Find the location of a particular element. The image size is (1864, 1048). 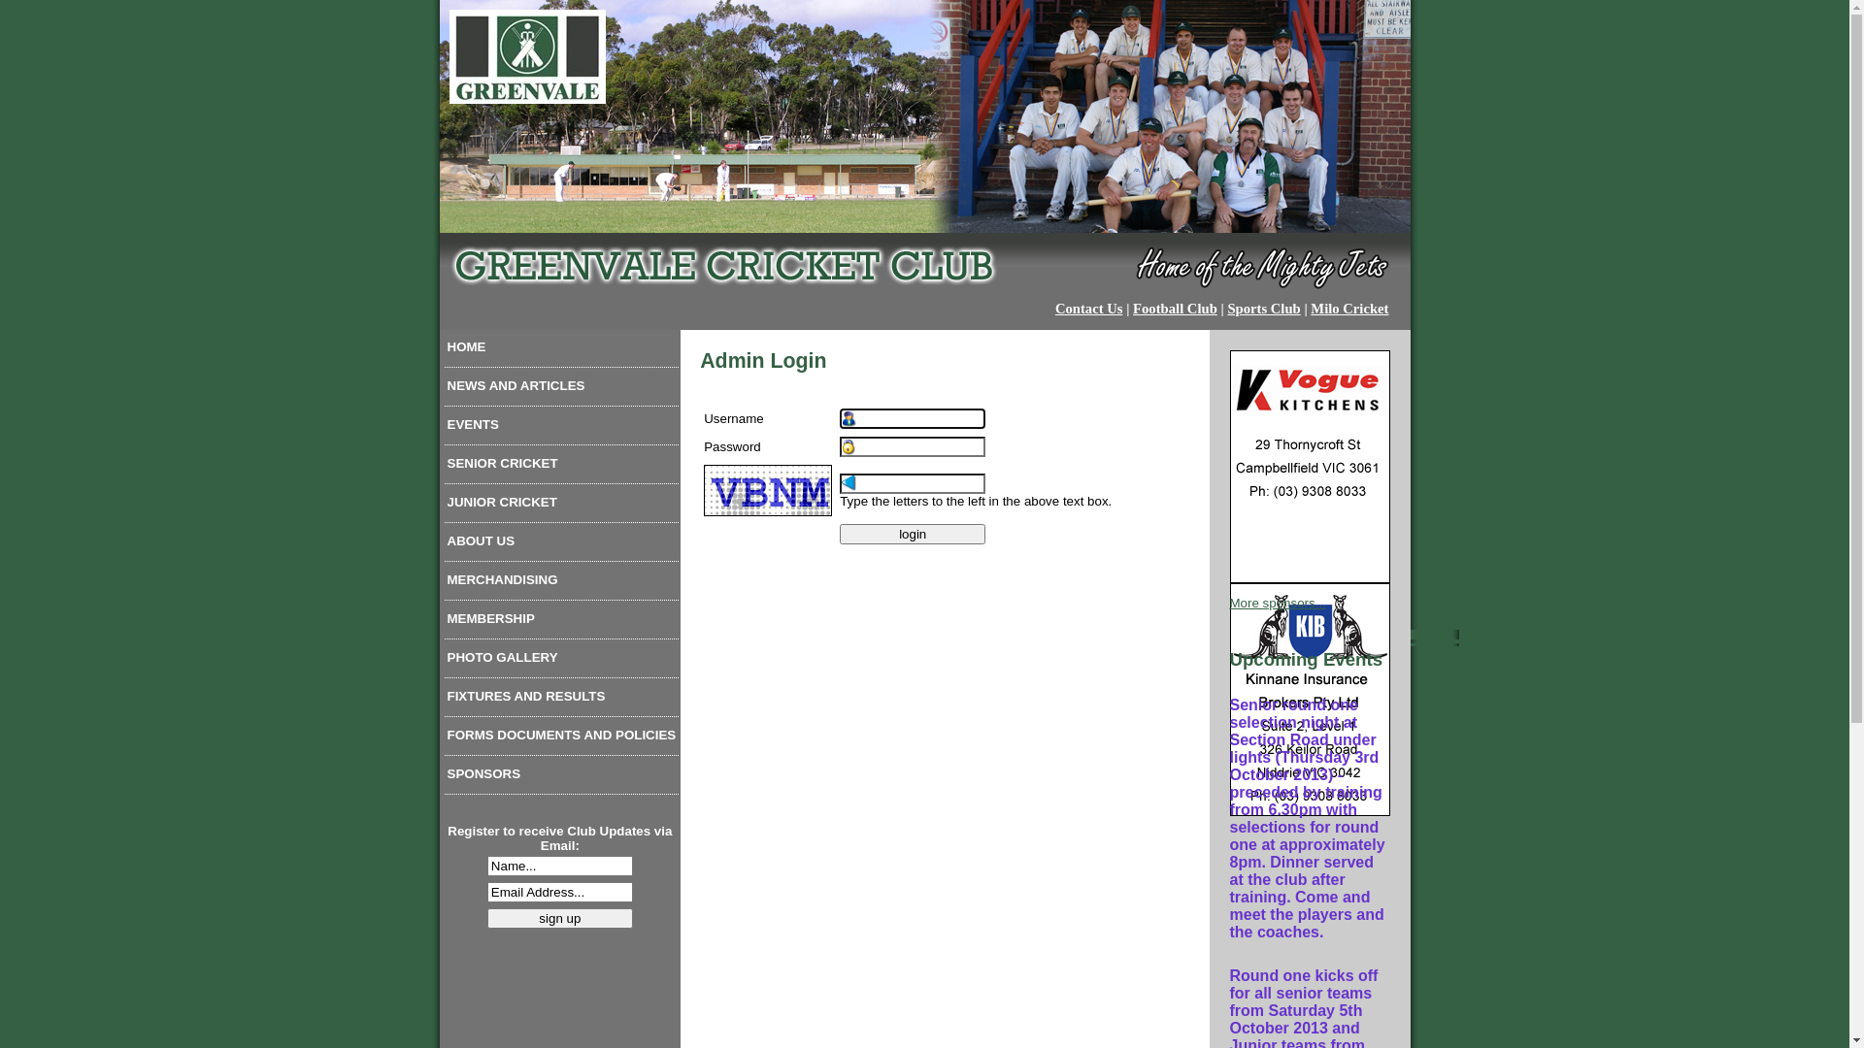

'Sports Club' is located at coordinates (1263, 307).